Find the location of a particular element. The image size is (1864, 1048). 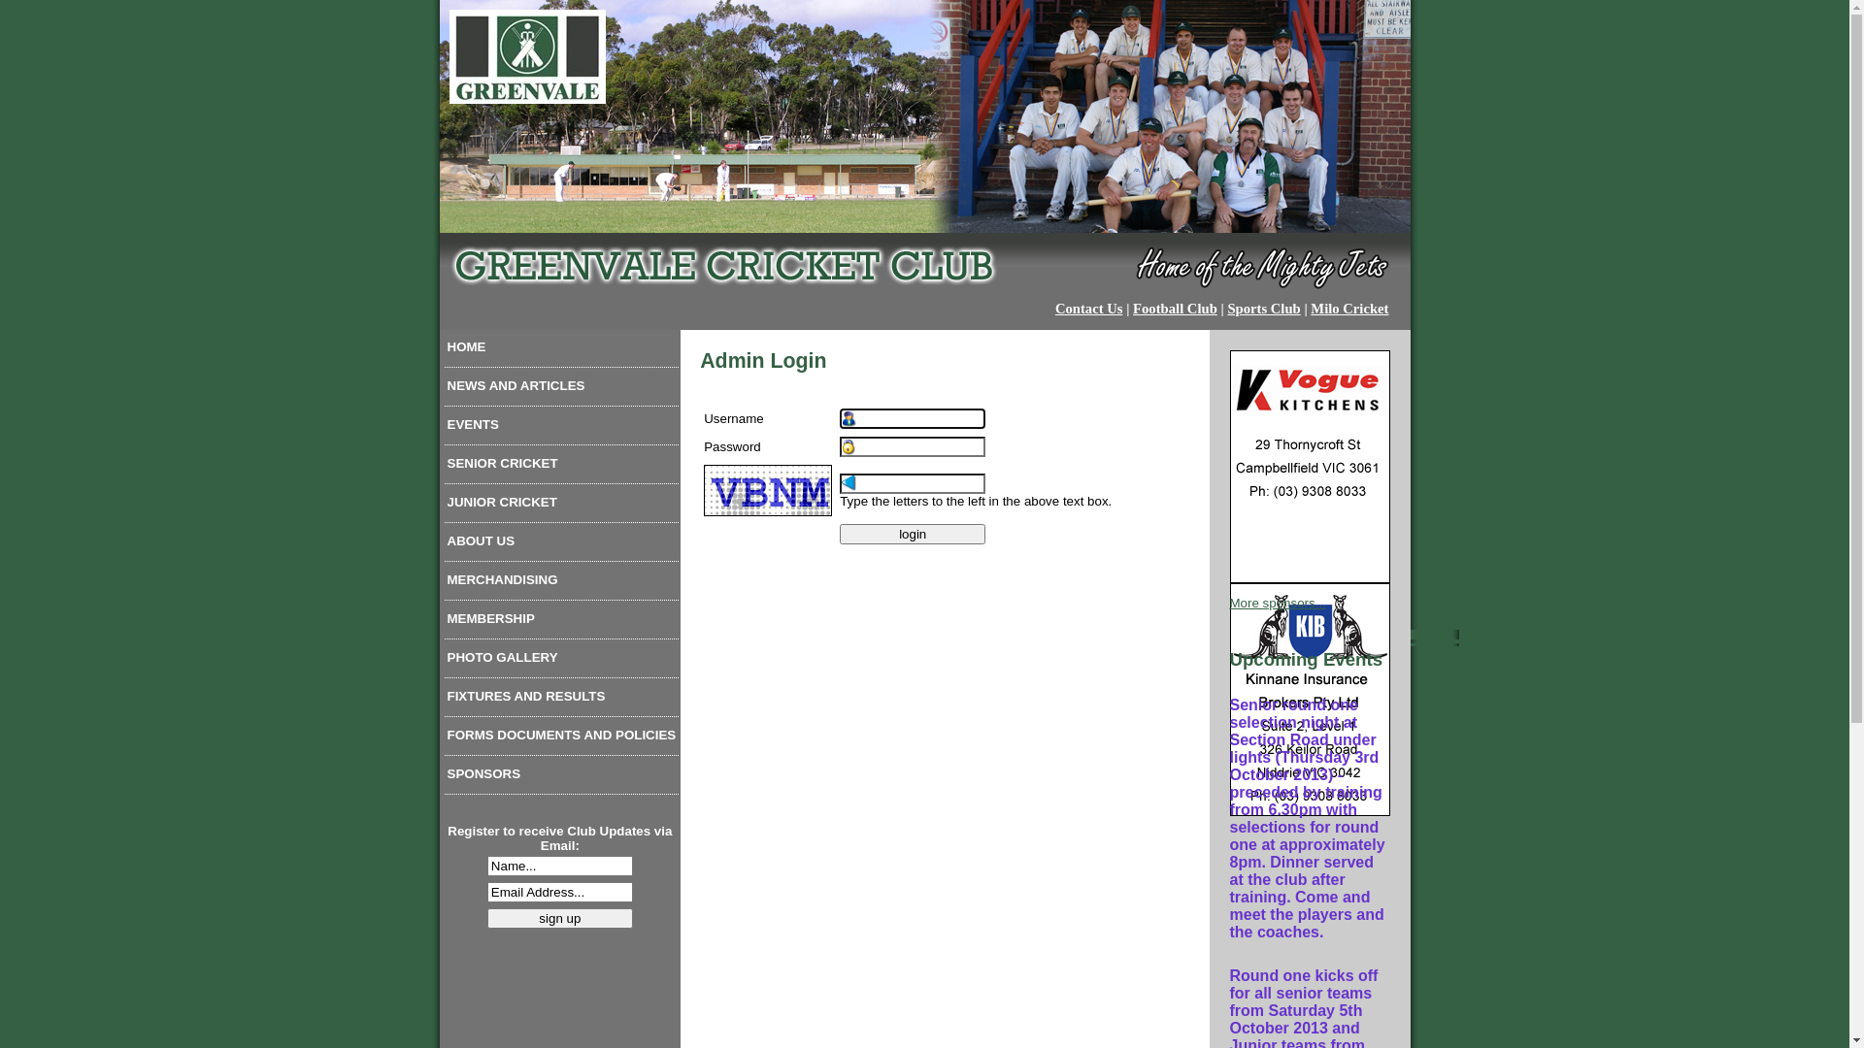

'Sports Club' is located at coordinates (1263, 307).